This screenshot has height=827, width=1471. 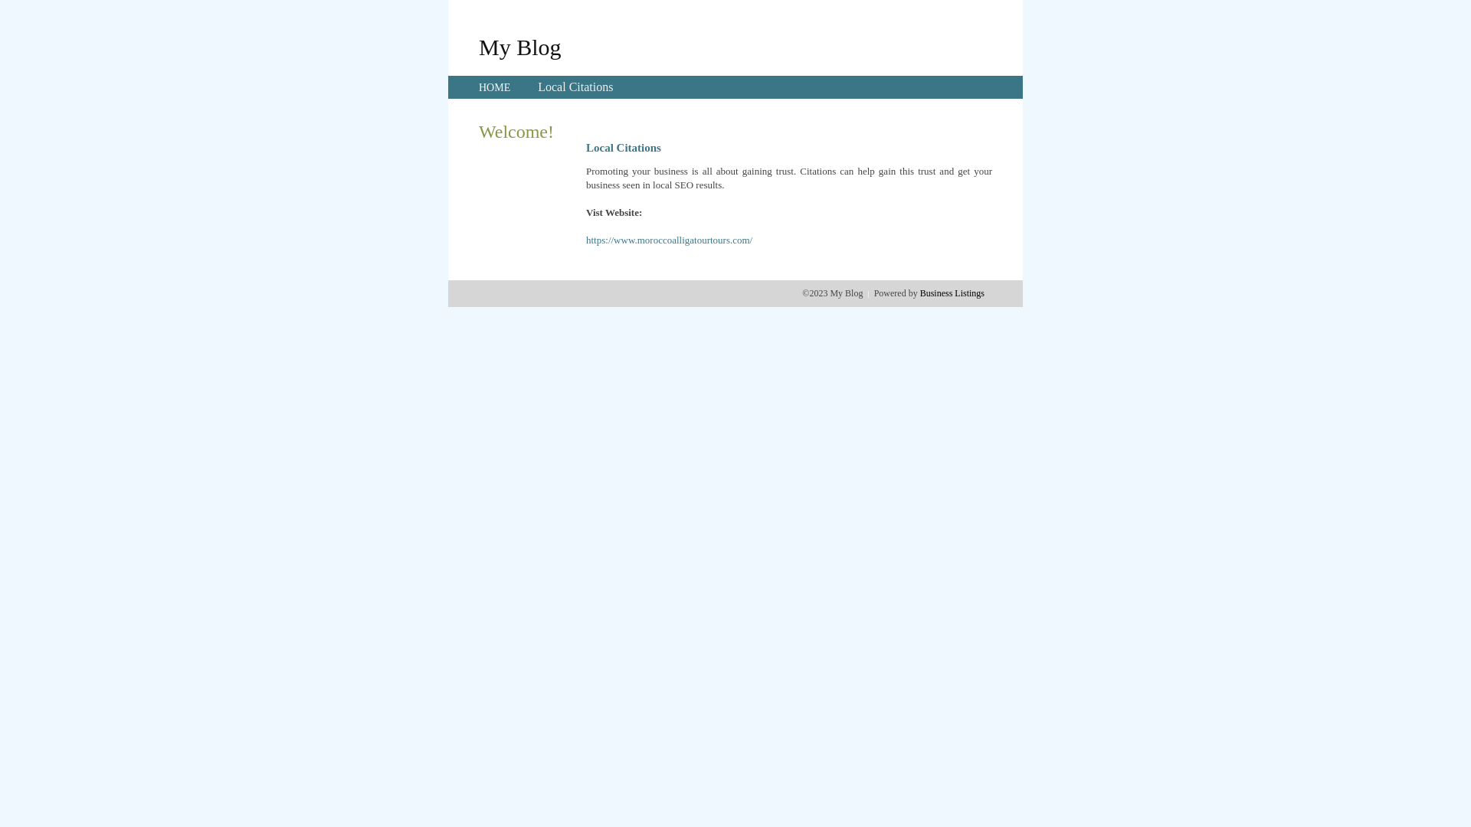 I want to click on 'My Blog', so click(x=519, y=46).